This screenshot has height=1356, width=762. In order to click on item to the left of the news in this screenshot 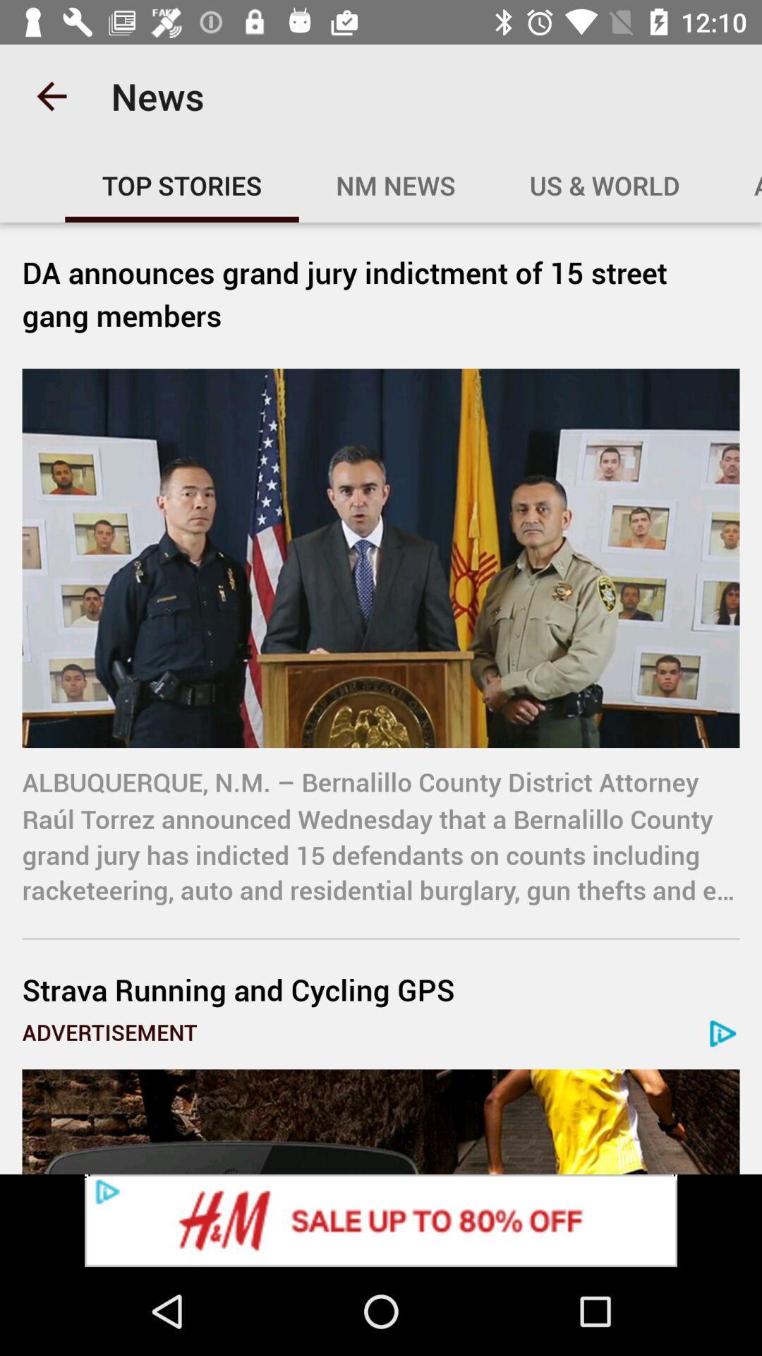, I will do `click(51, 95)`.